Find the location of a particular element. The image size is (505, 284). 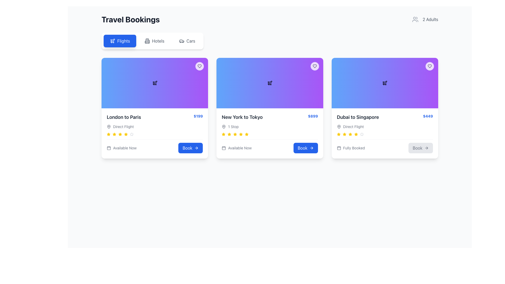

the building structure icon located in the top navigation bar under the 'Hotels' tab is located at coordinates (147, 40).